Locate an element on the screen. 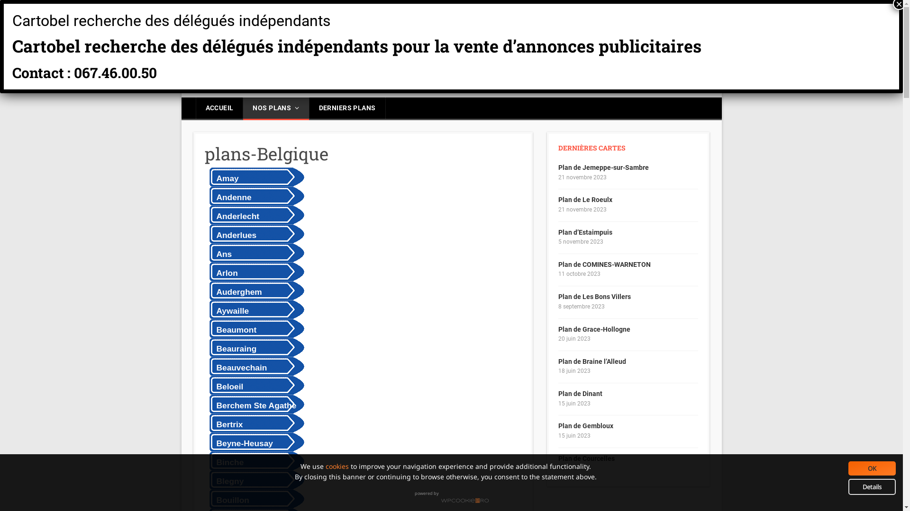 The width and height of the screenshot is (910, 511). 'Bouillon' is located at coordinates (255, 498).